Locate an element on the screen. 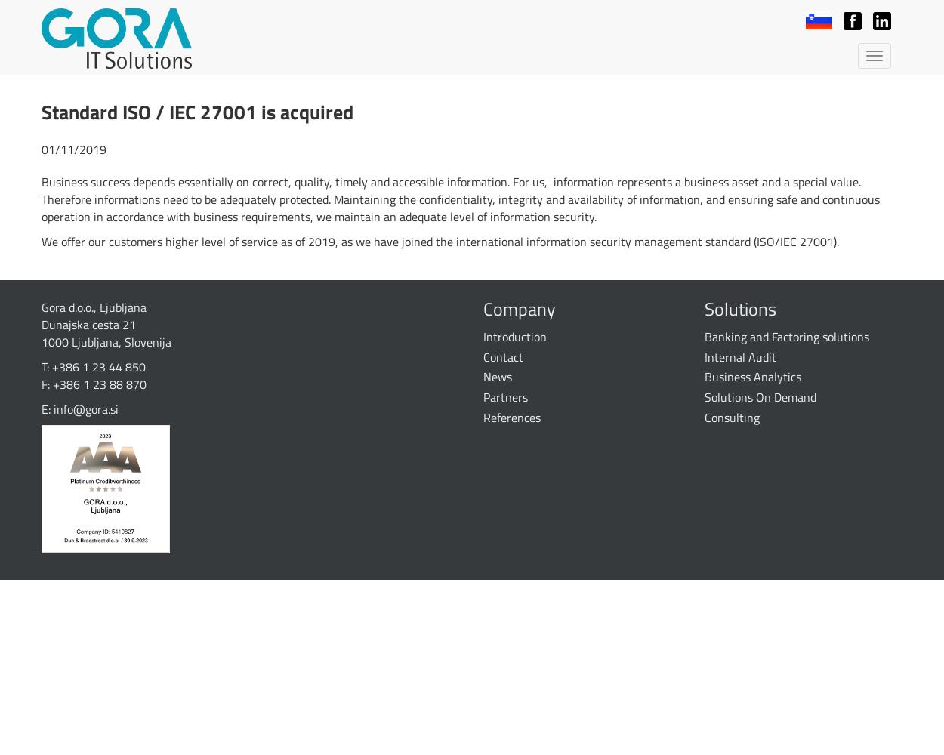 The height and width of the screenshot is (755, 944). 'Solutions On Demand' is located at coordinates (760, 397).